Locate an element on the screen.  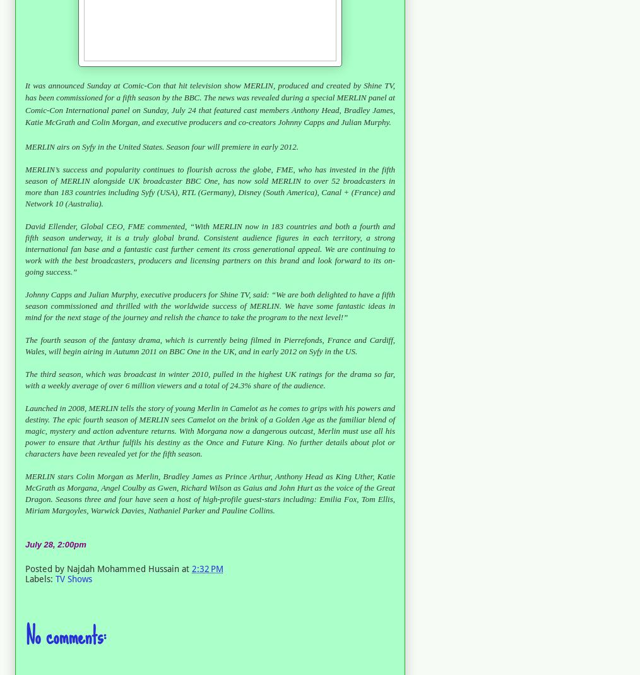
'No comments:' is located at coordinates (66, 636).